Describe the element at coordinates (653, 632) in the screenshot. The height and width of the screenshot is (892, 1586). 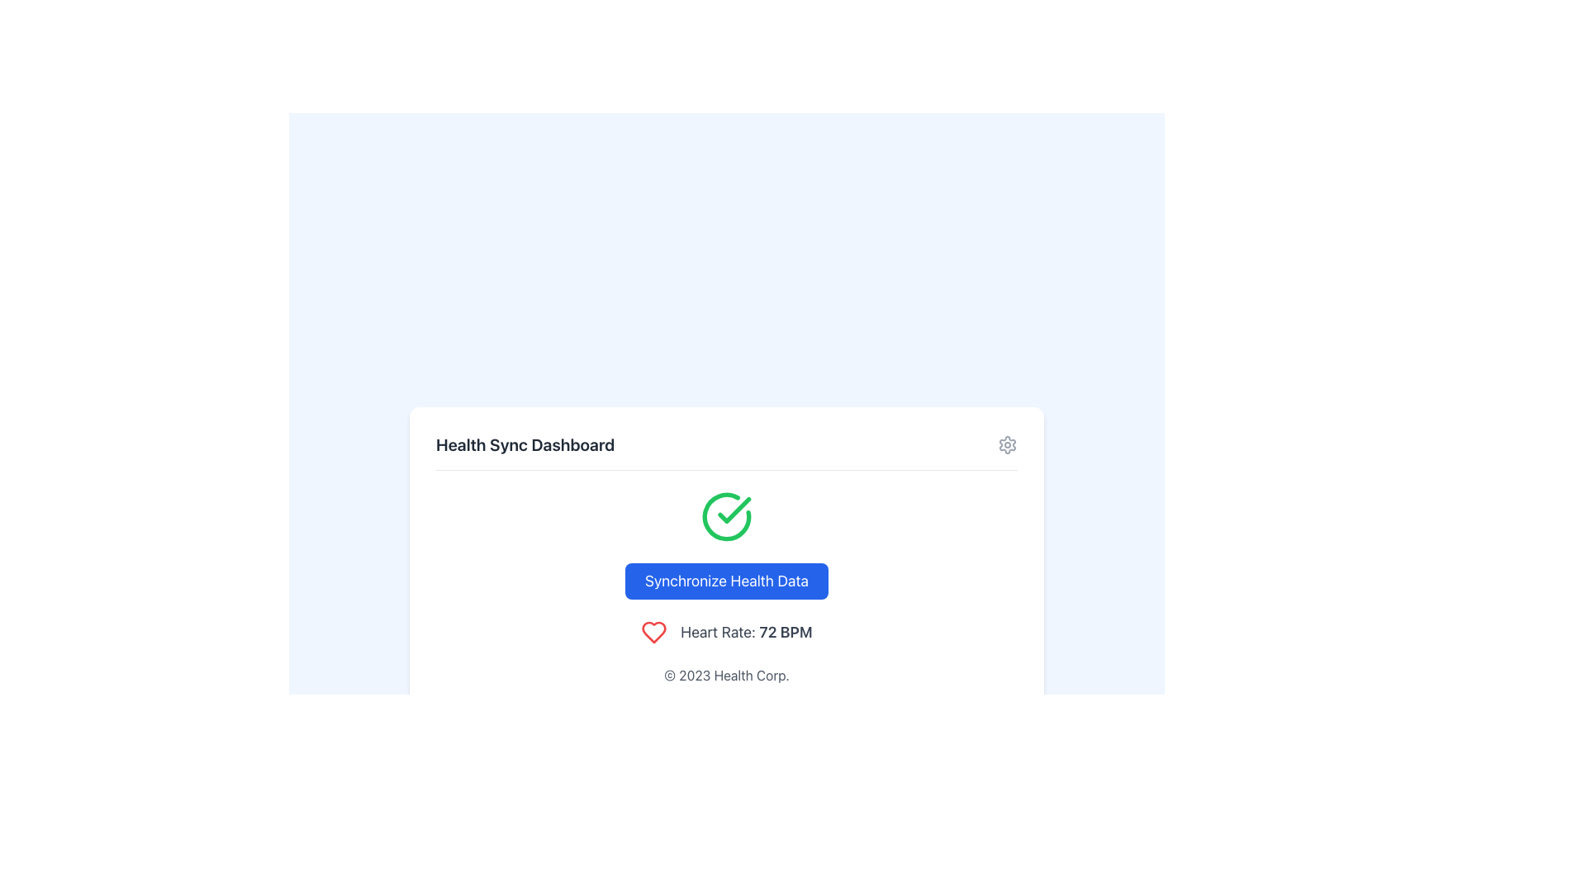
I see `the red heart icon located to the left of the text 'Heart Rate: 72 BPM', which is visually distinct and part of the heart rate information group` at that location.